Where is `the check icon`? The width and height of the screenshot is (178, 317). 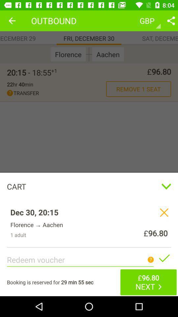 the check icon is located at coordinates (163, 258).